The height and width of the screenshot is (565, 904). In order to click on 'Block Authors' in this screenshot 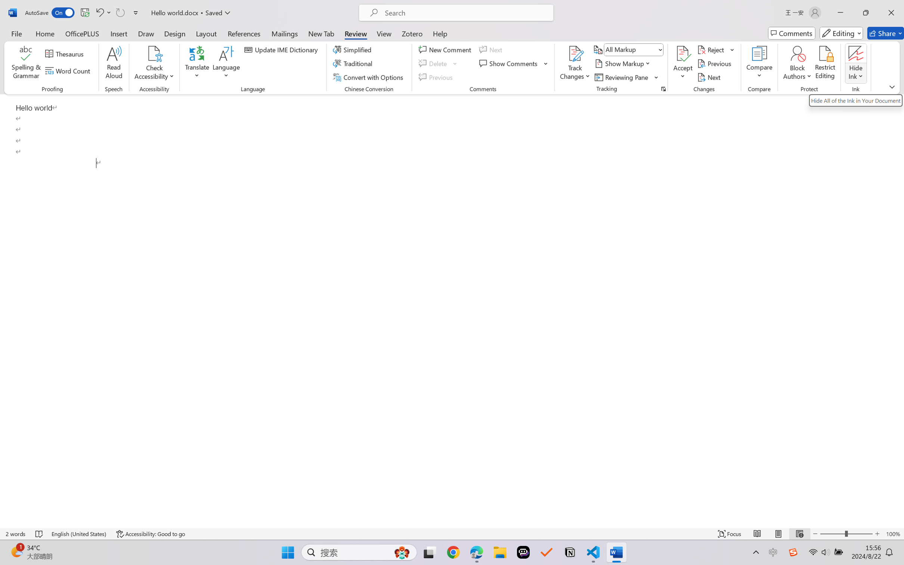, I will do `click(797, 64)`.